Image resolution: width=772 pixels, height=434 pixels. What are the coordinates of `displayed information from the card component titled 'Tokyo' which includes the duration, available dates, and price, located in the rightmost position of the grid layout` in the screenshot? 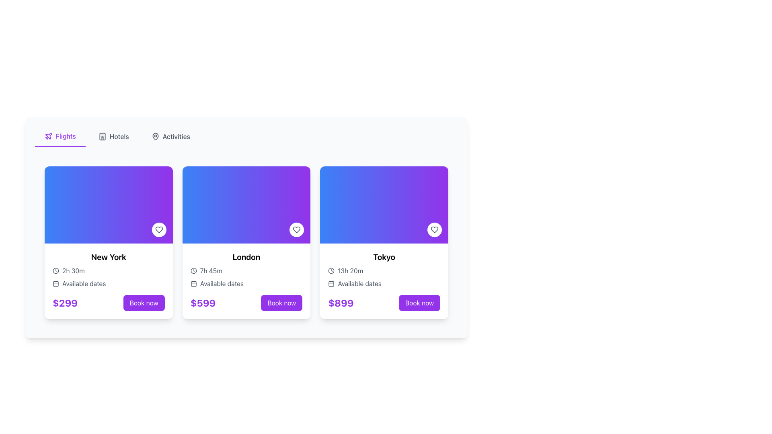 It's located at (384, 280).